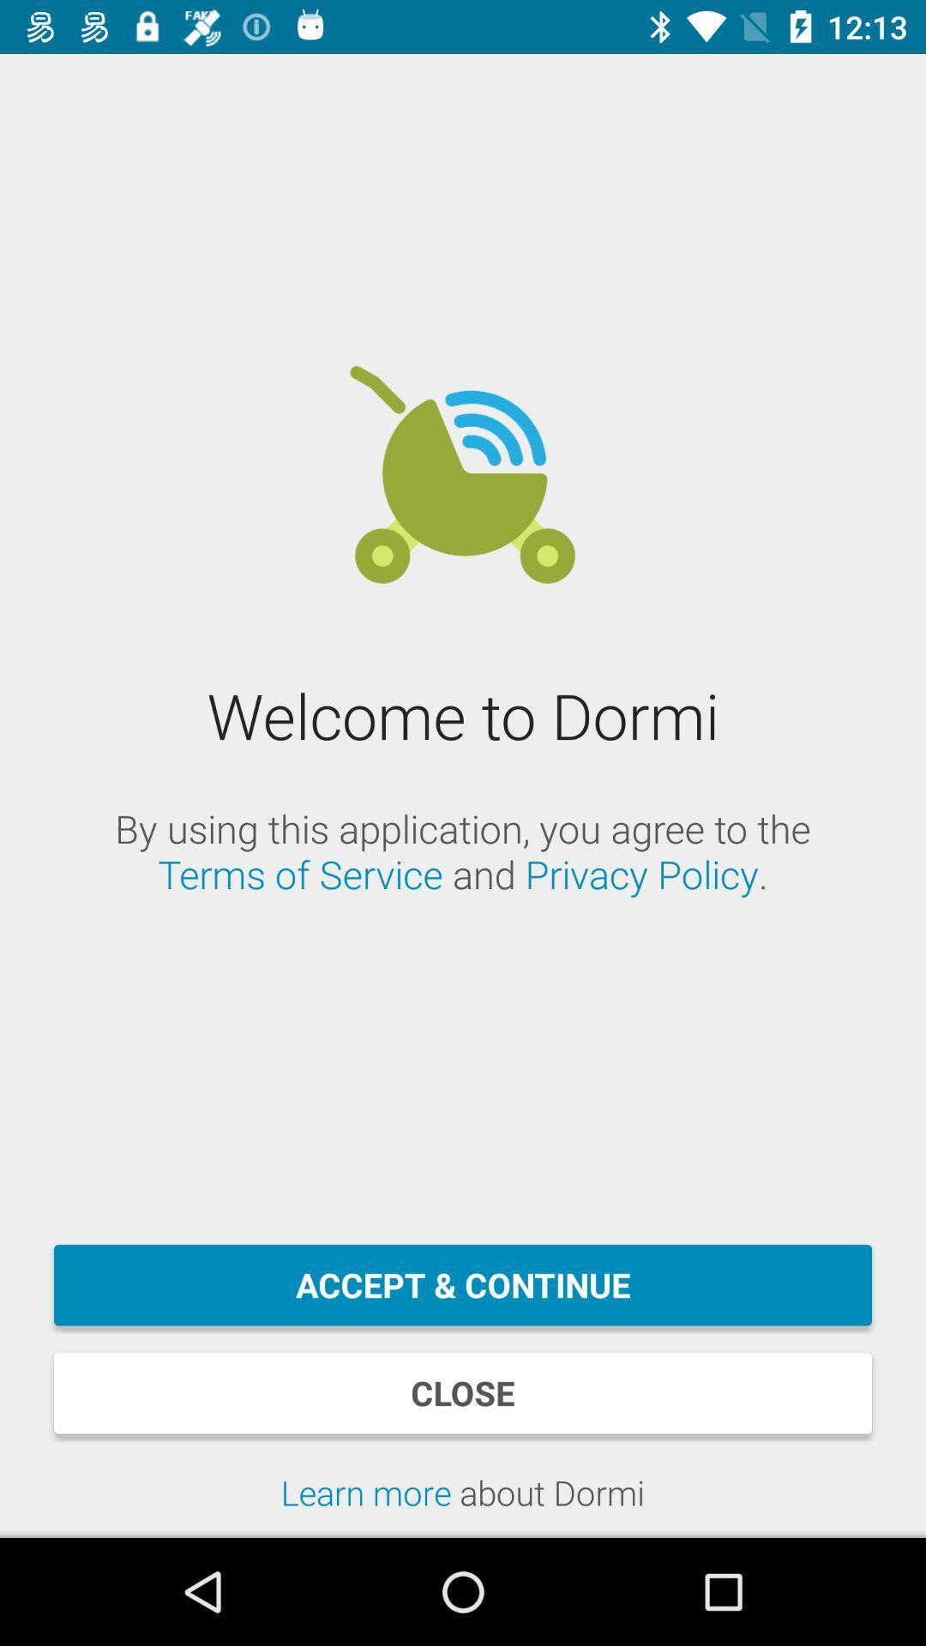 Image resolution: width=926 pixels, height=1646 pixels. What do you see at coordinates (463, 1285) in the screenshot?
I see `item above the close icon` at bounding box center [463, 1285].